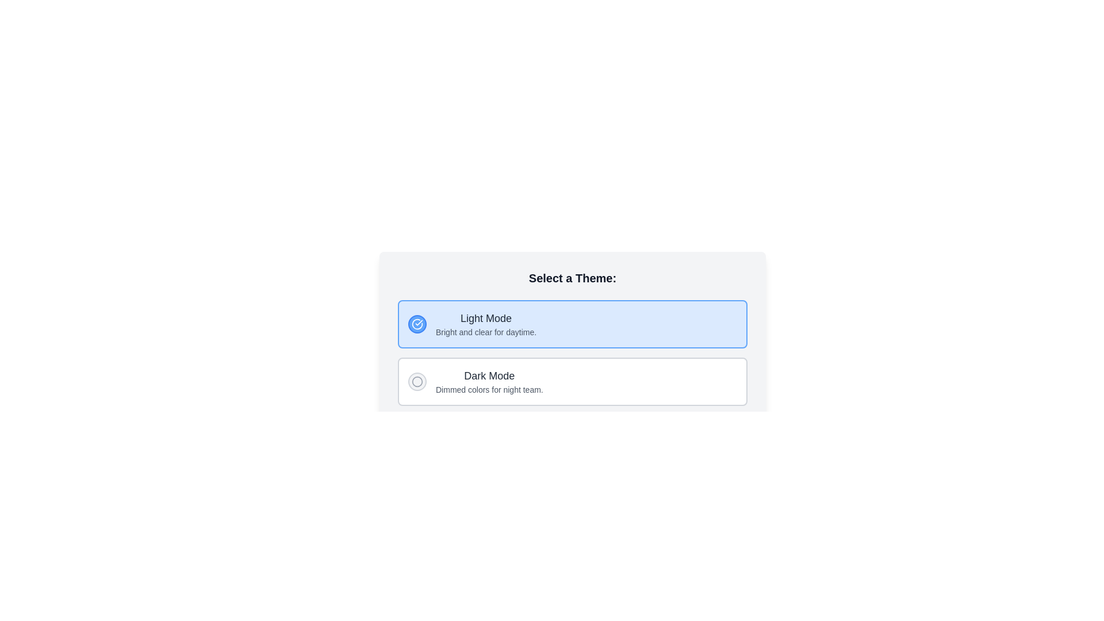  What do you see at coordinates (573, 381) in the screenshot?
I see `the 'Dark Mode' radio button option` at bounding box center [573, 381].